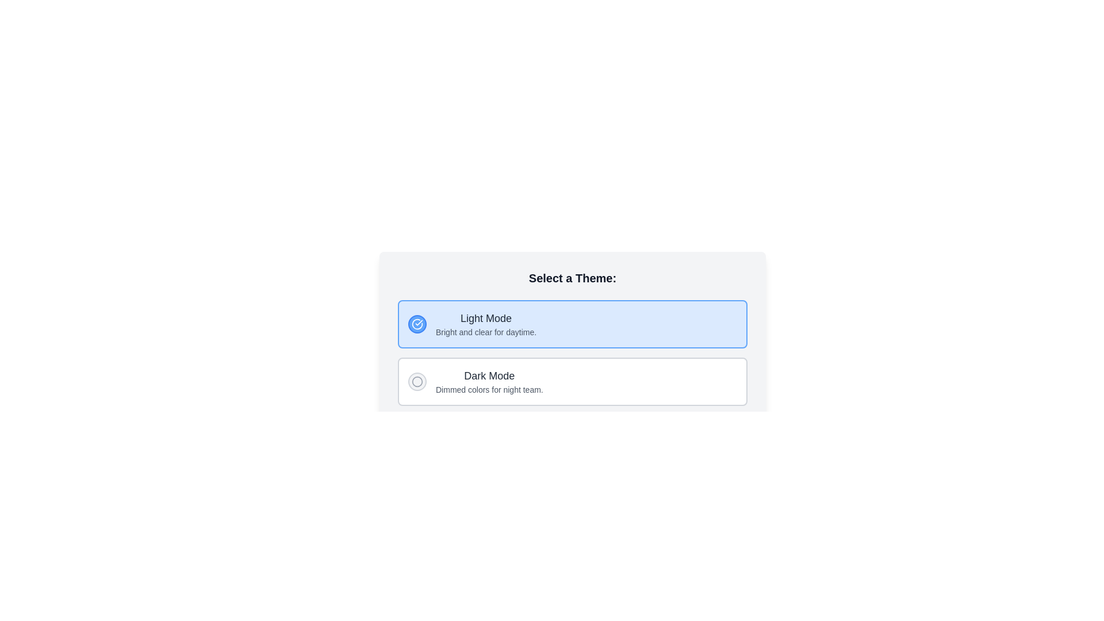  What do you see at coordinates (573, 381) in the screenshot?
I see `the 'Dark Mode' radio button option` at bounding box center [573, 381].